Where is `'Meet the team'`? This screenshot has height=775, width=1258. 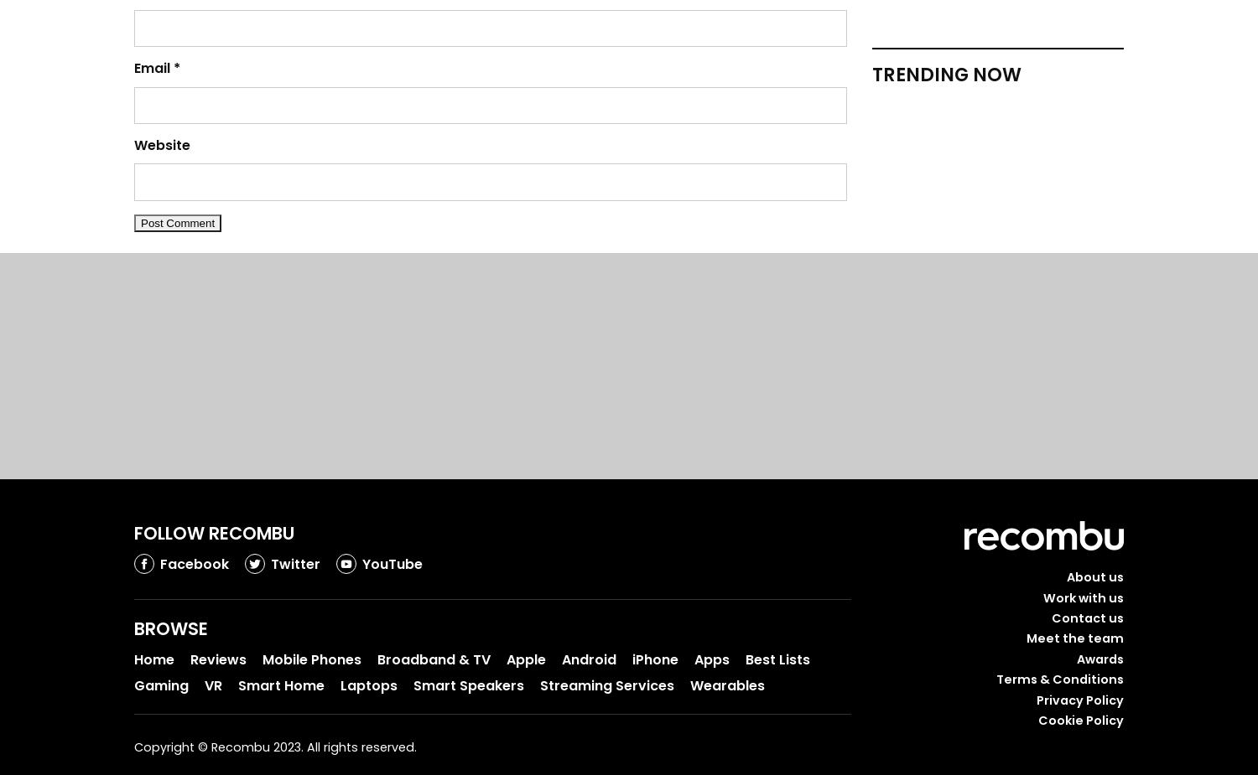
'Meet the team' is located at coordinates (1026, 638).